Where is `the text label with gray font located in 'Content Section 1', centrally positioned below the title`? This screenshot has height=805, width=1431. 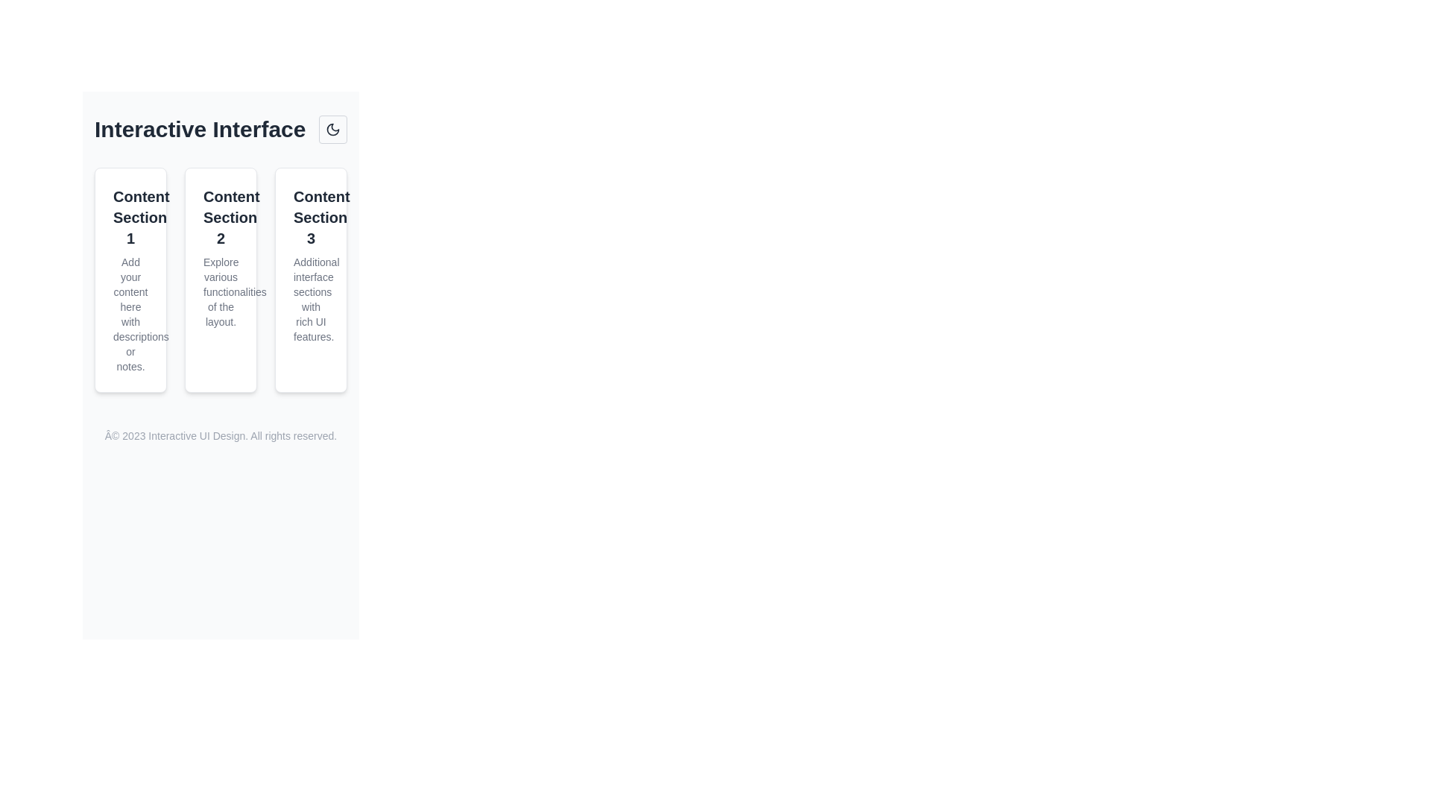 the text label with gray font located in 'Content Section 1', centrally positioned below the title is located at coordinates (130, 313).